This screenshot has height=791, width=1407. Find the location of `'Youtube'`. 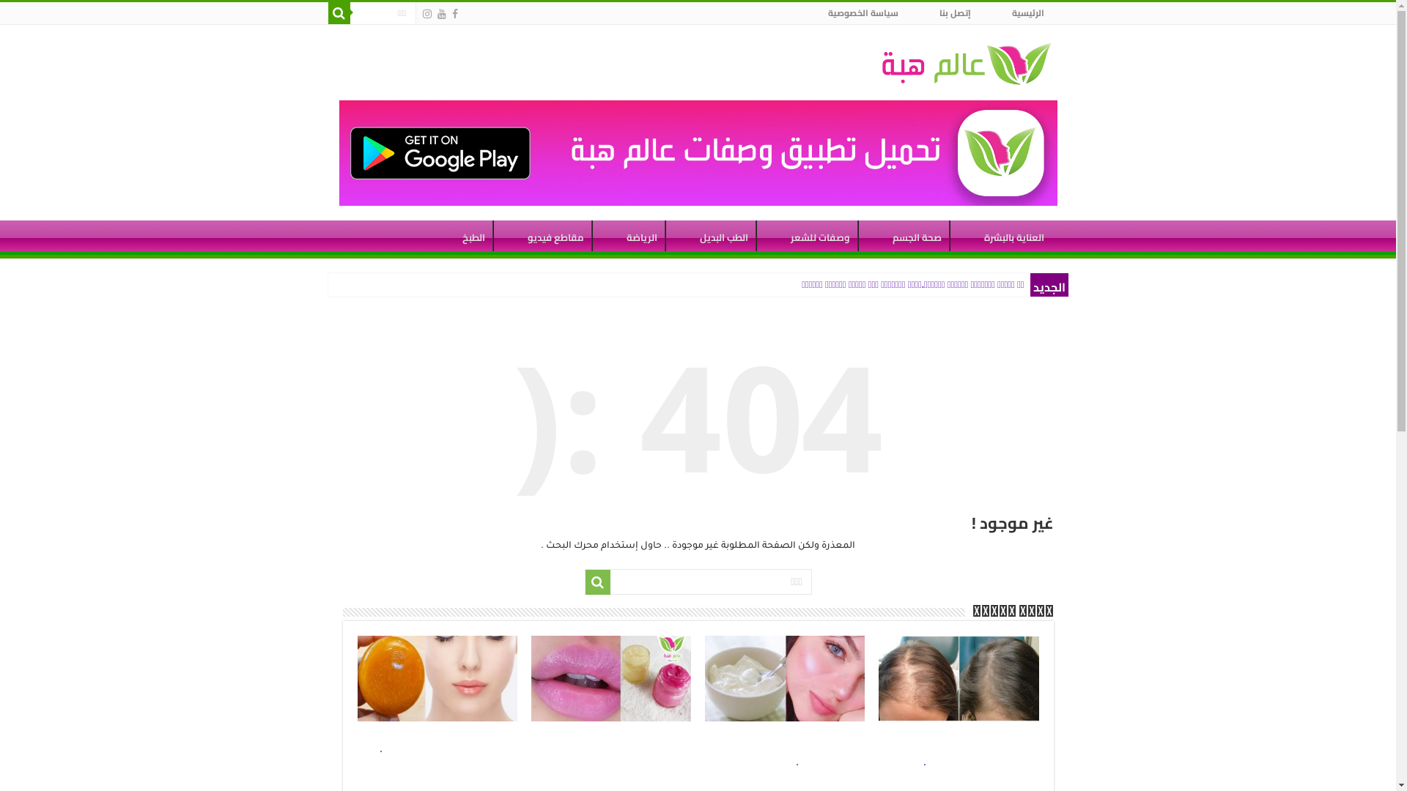

'Youtube' is located at coordinates (440, 14).